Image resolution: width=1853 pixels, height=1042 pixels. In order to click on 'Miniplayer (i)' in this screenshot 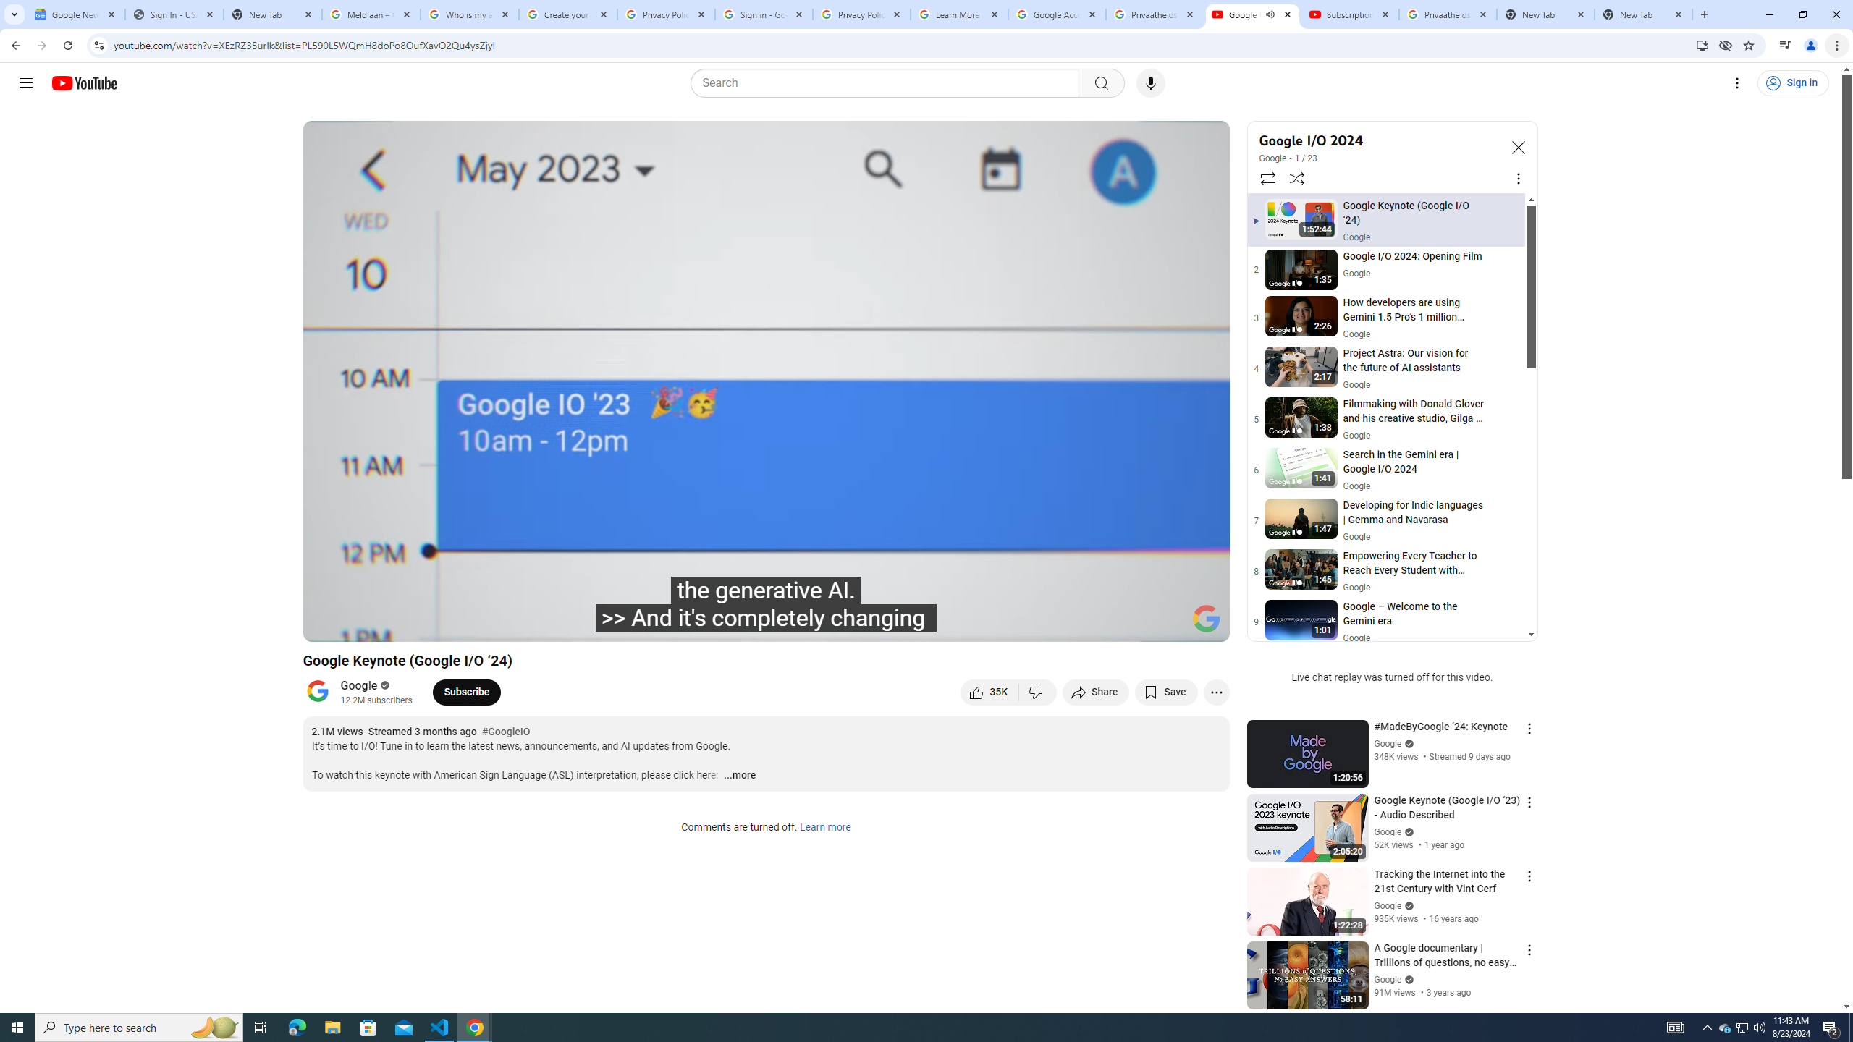, I will do `click(1133, 624)`.